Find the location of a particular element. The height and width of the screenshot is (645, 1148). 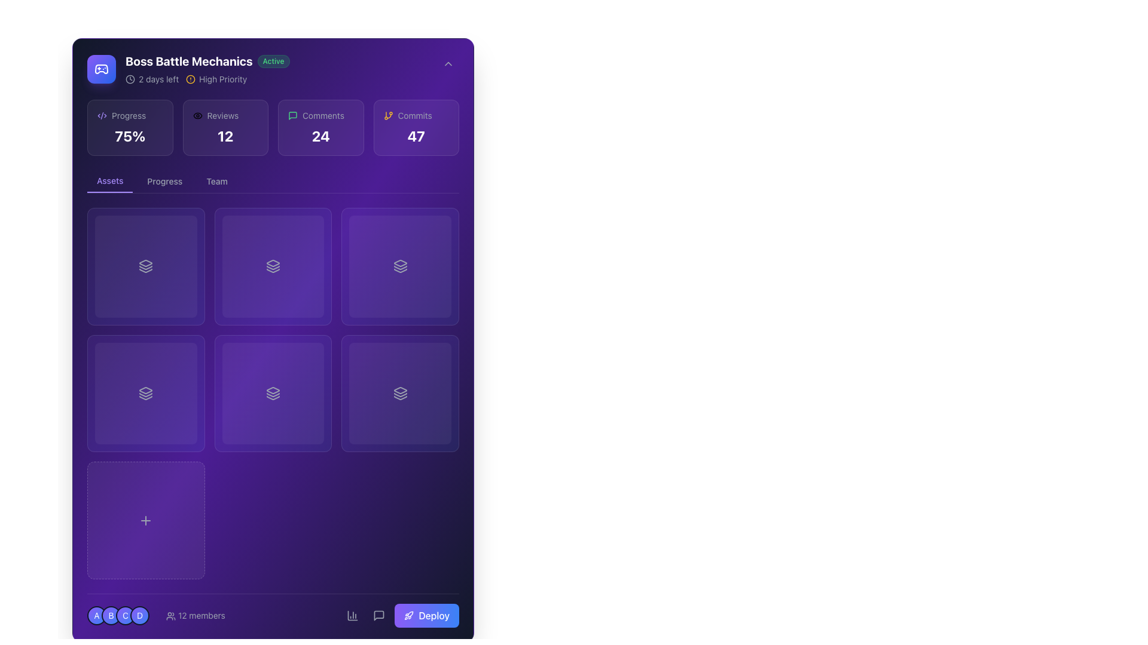

the interactive button that is a square with a vertically stacked icon, located in the second row, last column of a 3x2 grid layout, towards the center-right of the interface to interact is located at coordinates (400, 266).